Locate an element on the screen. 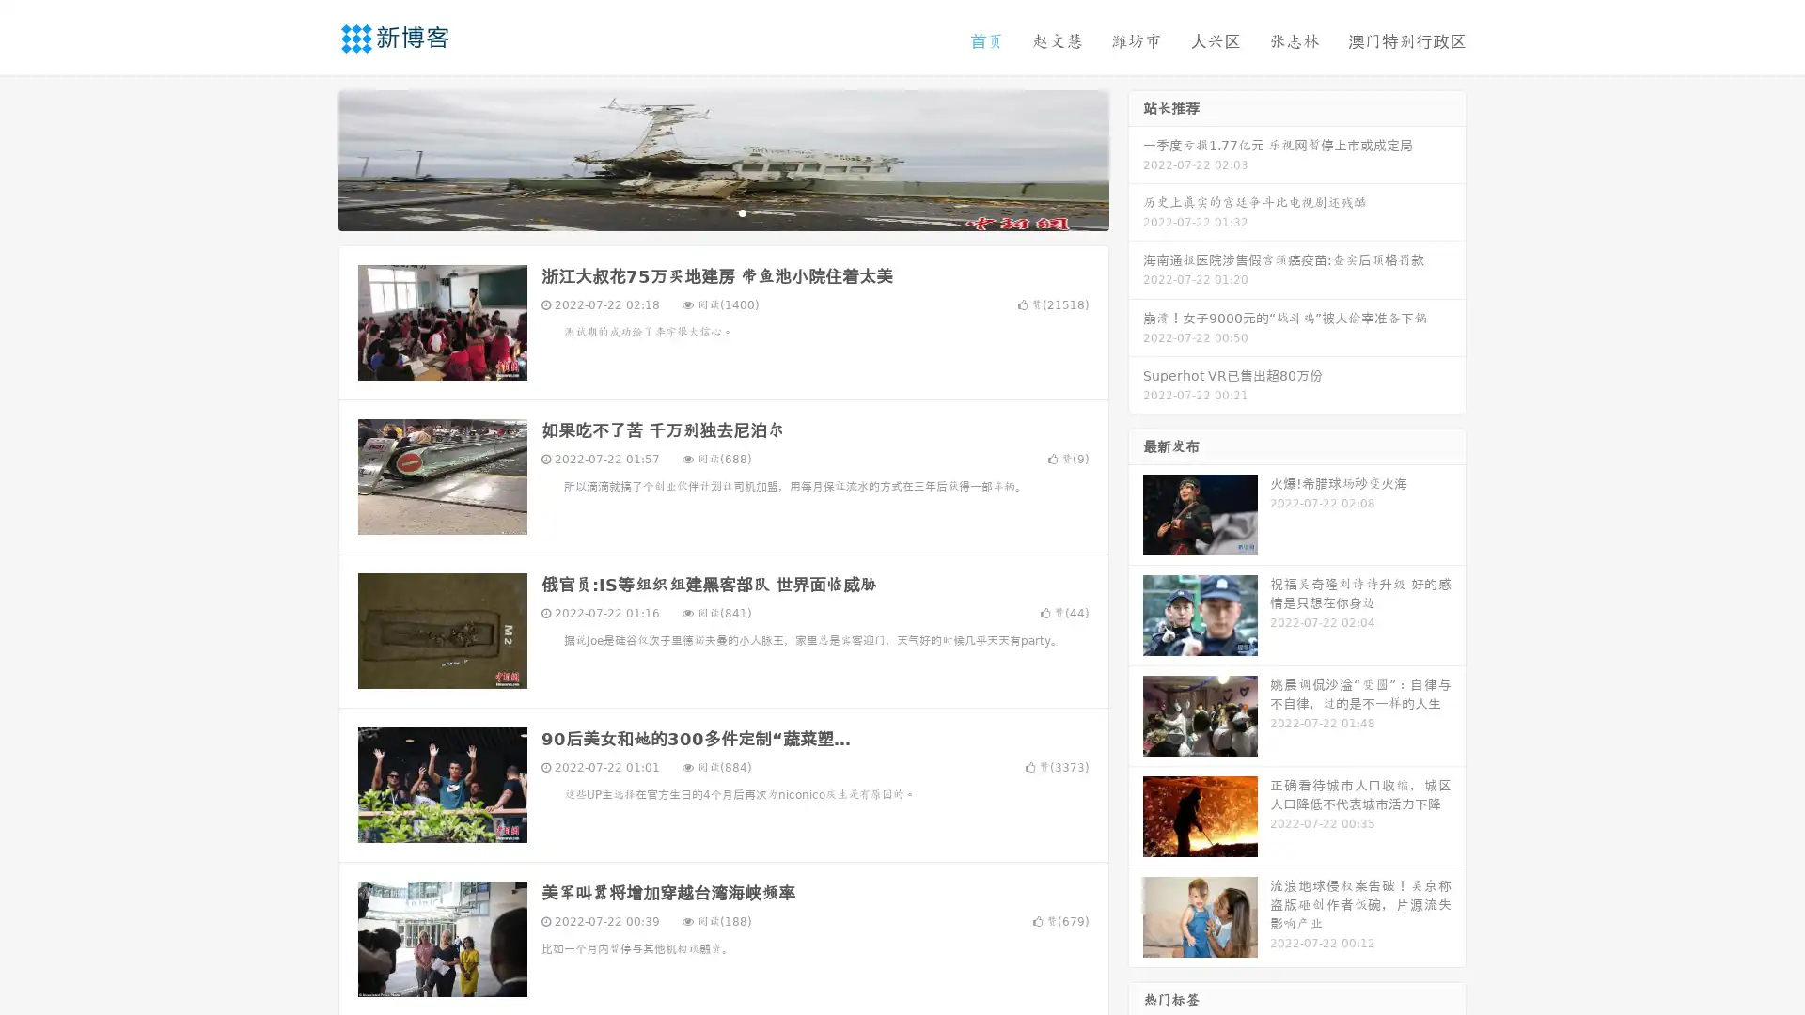  Previous slide is located at coordinates (310, 158).